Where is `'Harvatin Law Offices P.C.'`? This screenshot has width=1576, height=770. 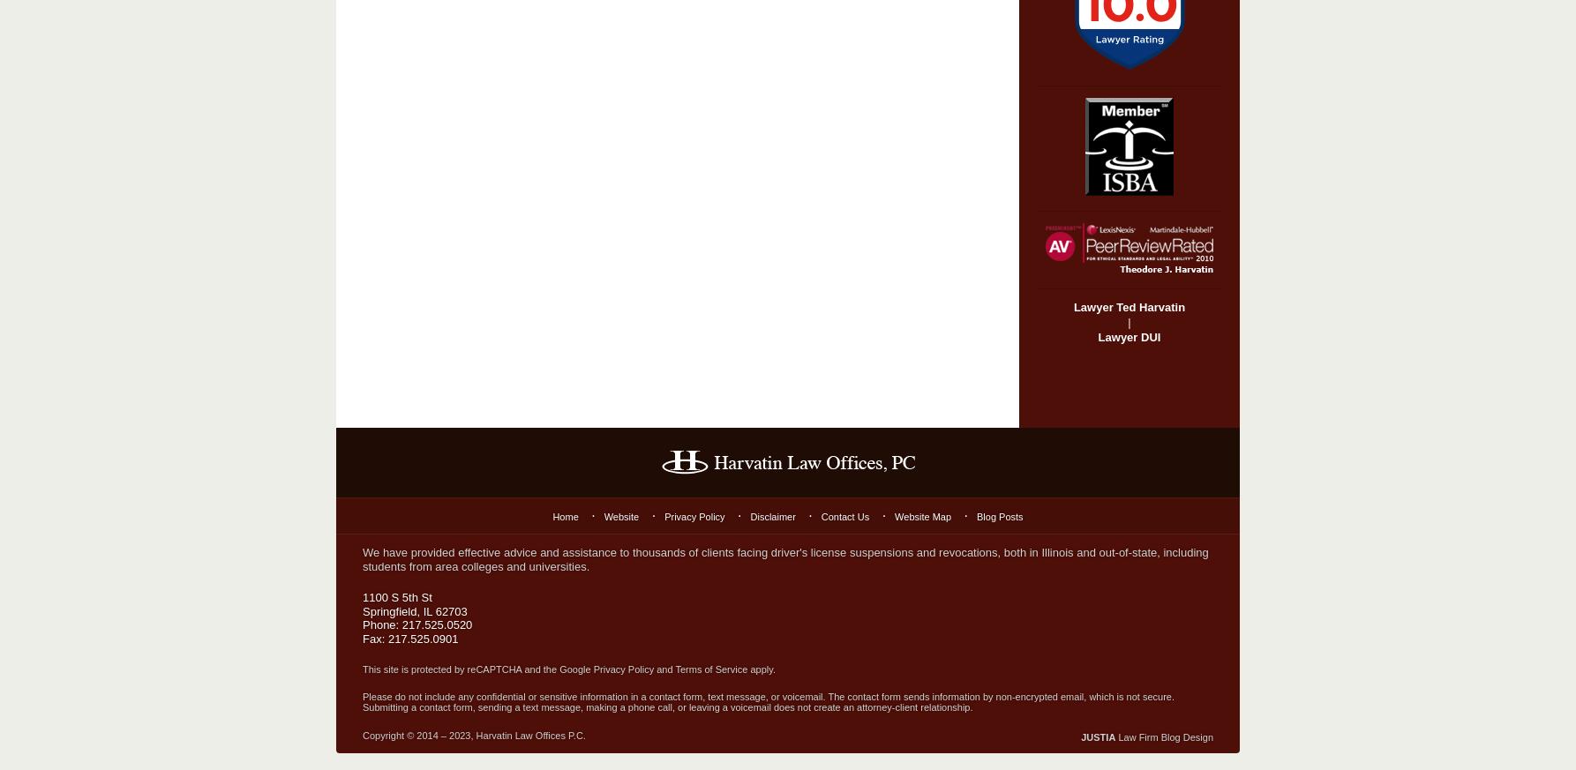
'Harvatin Law Offices P.C.' is located at coordinates (529, 735).